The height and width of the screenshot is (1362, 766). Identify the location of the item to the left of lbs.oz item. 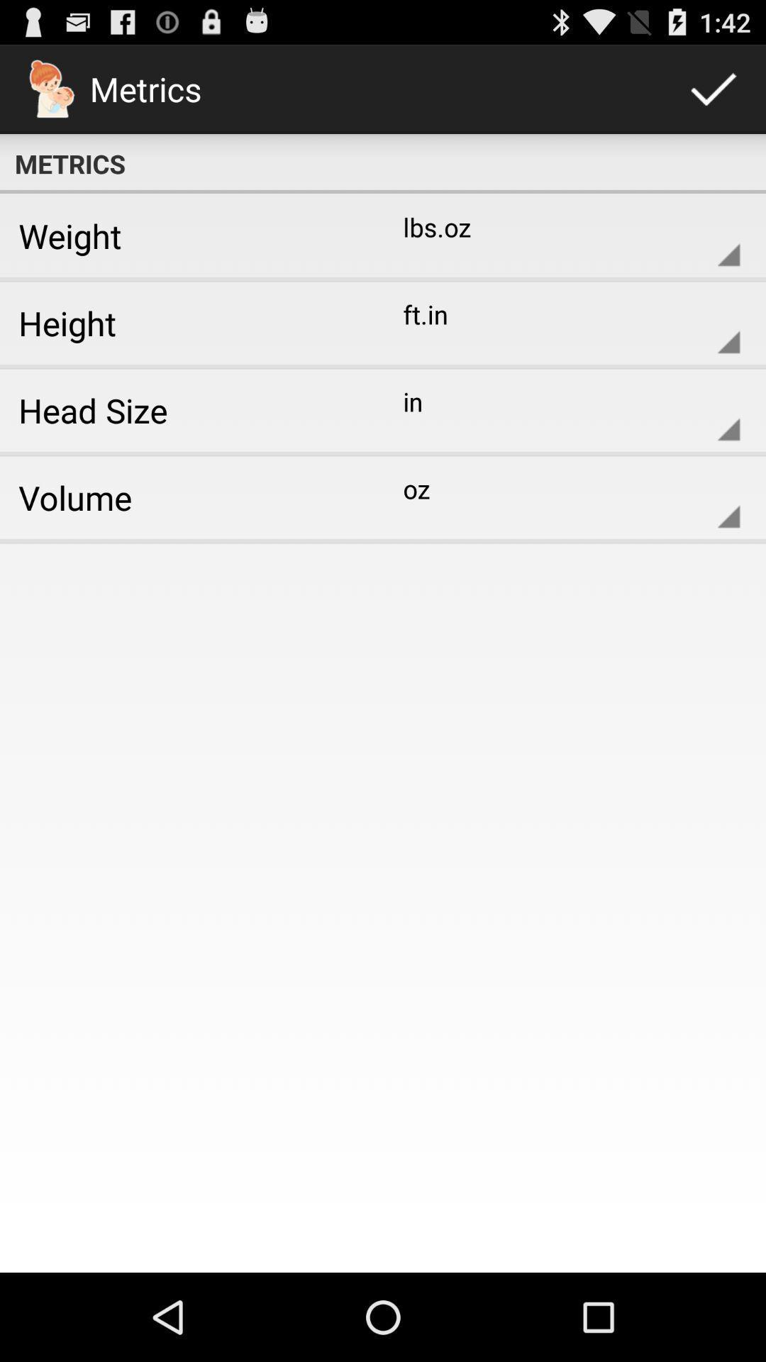
(186, 236).